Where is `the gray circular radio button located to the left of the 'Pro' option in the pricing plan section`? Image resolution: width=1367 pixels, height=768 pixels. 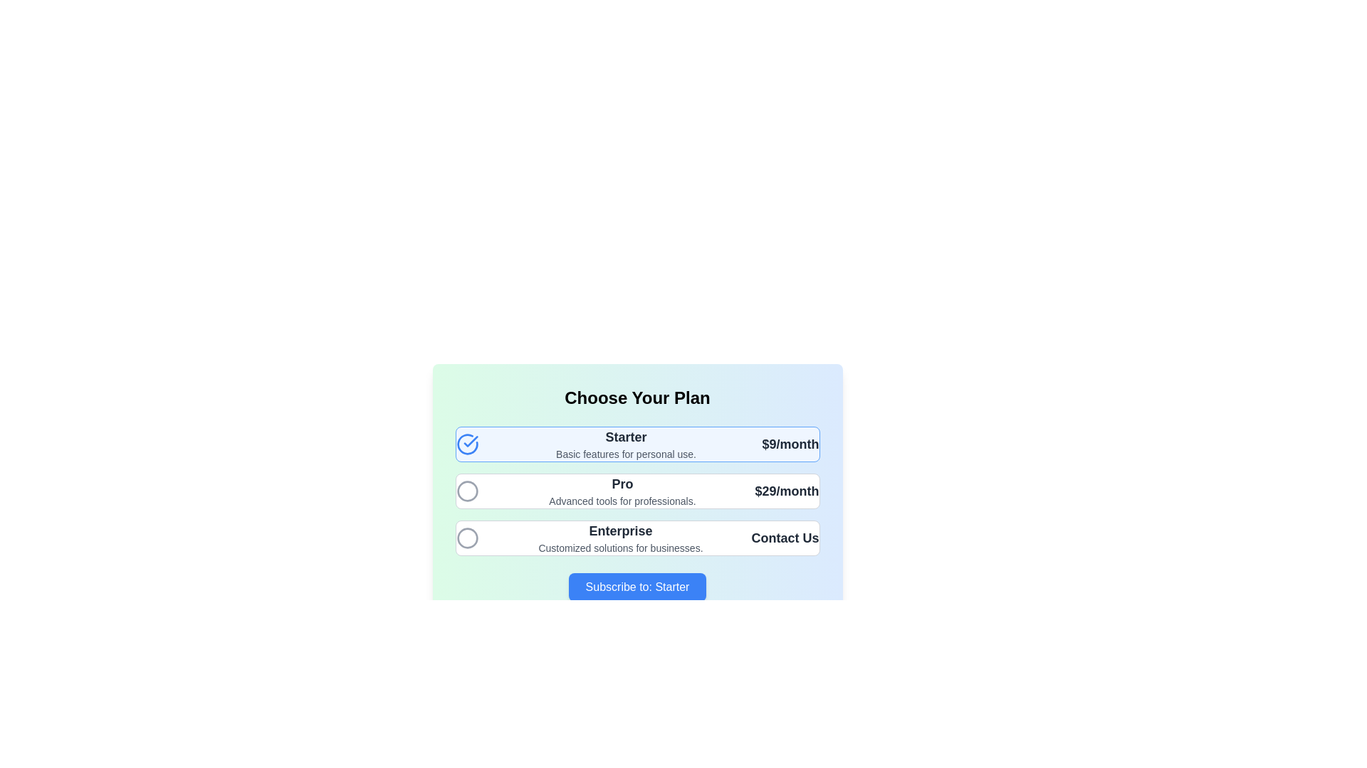
the gray circular radio button located to the left of the 'Pro' option in the pricing plan section is located at coordinates (467, 490).